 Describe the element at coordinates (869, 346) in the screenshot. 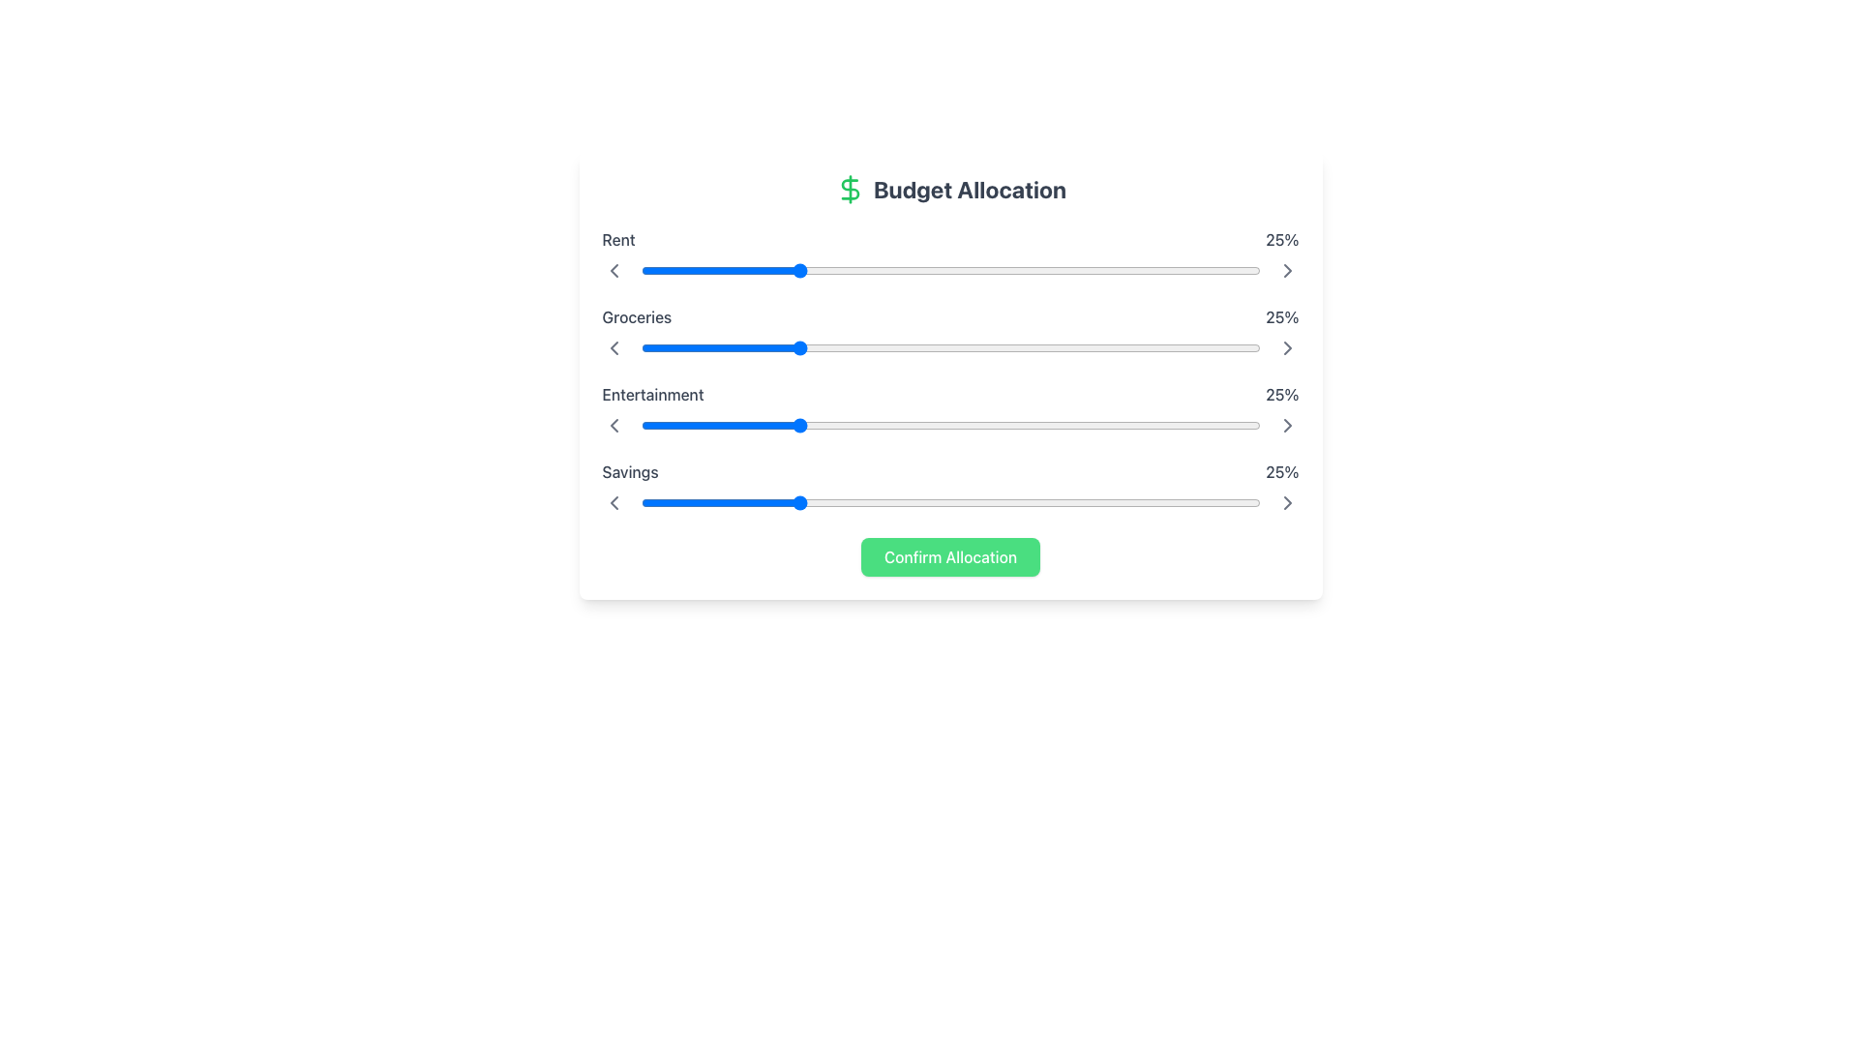

I see `the groceries allocation percentage` at that location.